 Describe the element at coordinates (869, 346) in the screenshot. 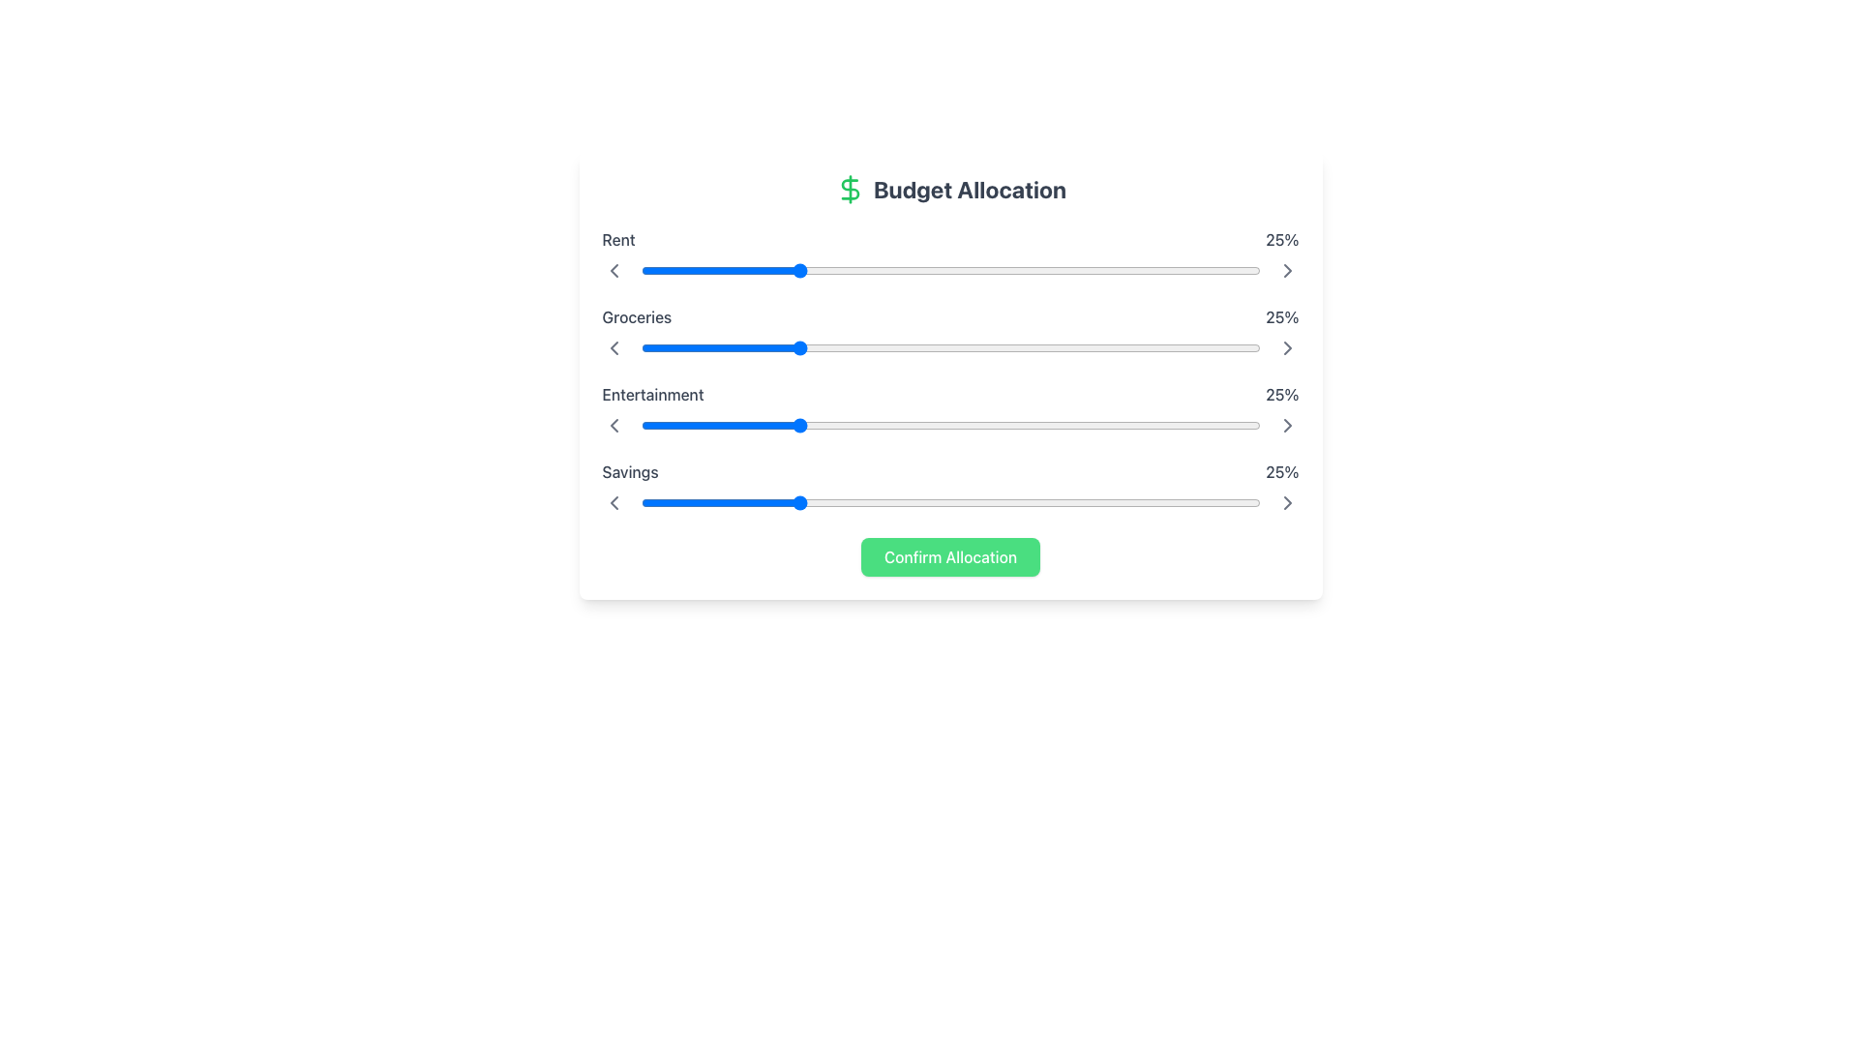

I see `the groceries allocation percentage` at that location.